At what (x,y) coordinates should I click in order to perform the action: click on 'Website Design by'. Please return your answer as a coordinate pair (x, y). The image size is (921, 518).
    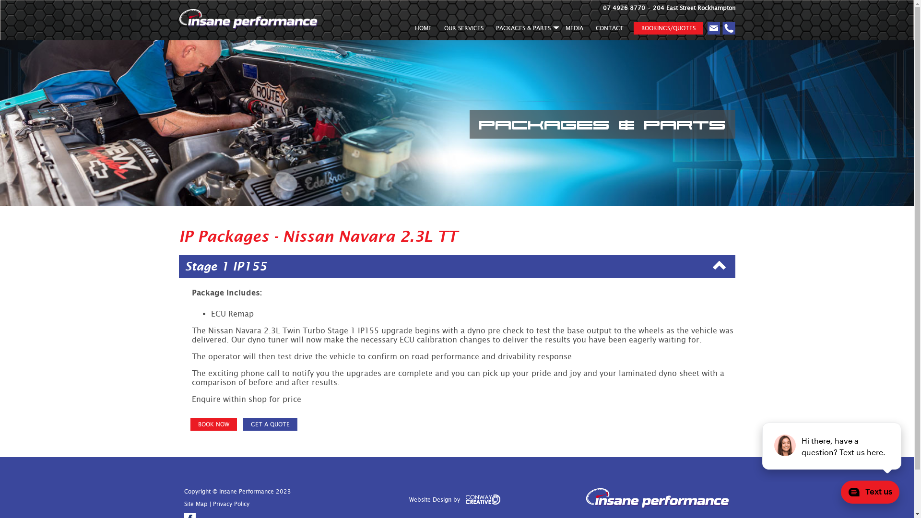
    Looking at the image, I should click on (412, 502).